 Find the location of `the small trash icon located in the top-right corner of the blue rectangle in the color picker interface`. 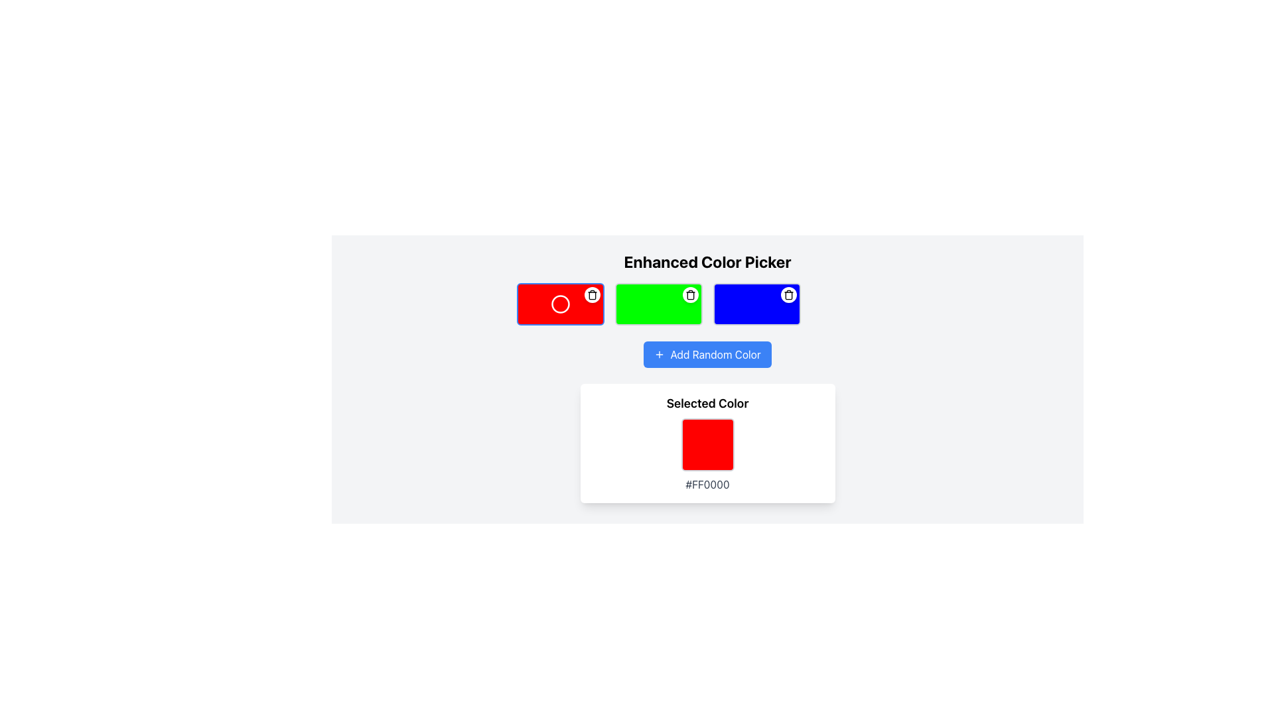

the small trash icon located in the top-right corner of the blue rectangle in the color picker interface is located at coordinates (788, 294).